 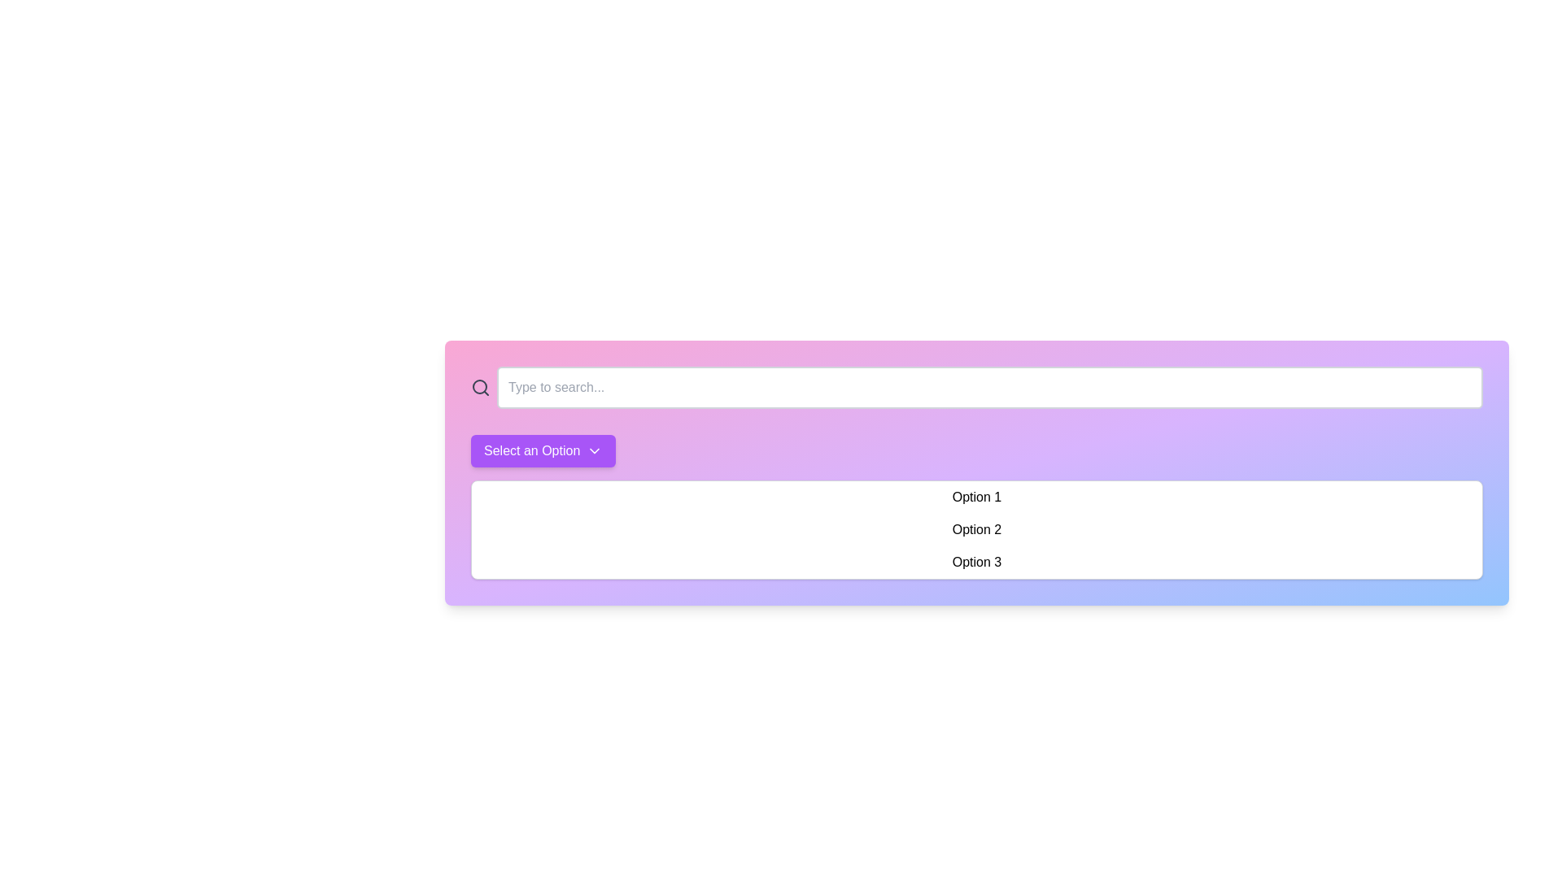 What do you see at coordinates (976, 561) in the screenshot?
I see `the third and last item in the dropdown list` at bounding box center [976, 561].